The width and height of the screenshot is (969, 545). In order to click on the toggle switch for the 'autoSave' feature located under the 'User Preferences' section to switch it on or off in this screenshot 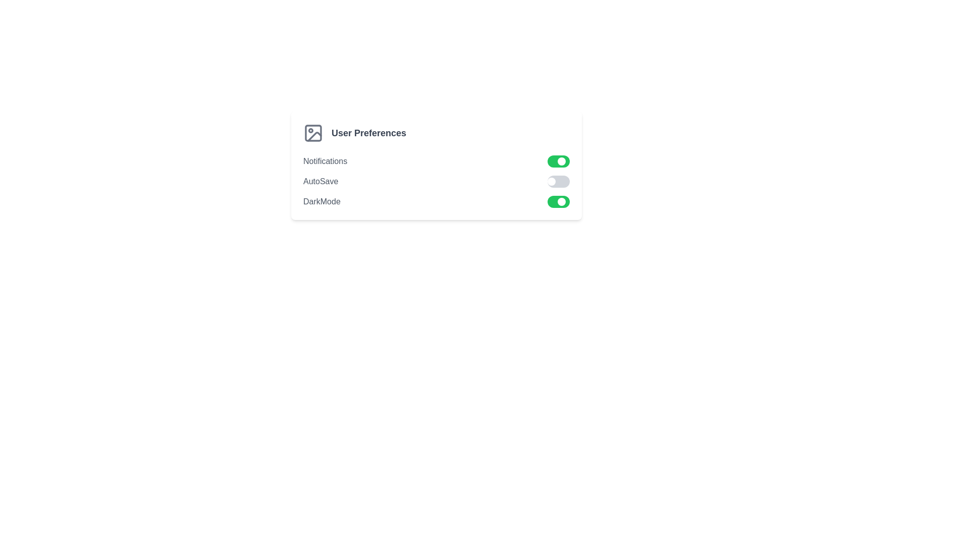, I will do `click(436, 181)`.